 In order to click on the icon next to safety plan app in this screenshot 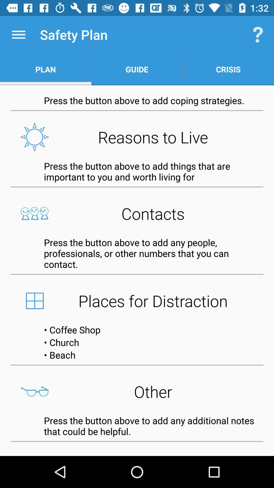, I will do `click(18, 34)`.